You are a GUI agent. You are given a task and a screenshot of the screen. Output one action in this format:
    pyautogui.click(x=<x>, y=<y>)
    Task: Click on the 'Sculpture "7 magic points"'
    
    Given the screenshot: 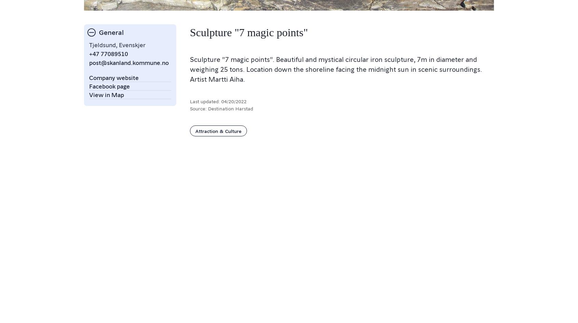 What is the action you would take?
    pyautogui.click(x=248, y=32)
    